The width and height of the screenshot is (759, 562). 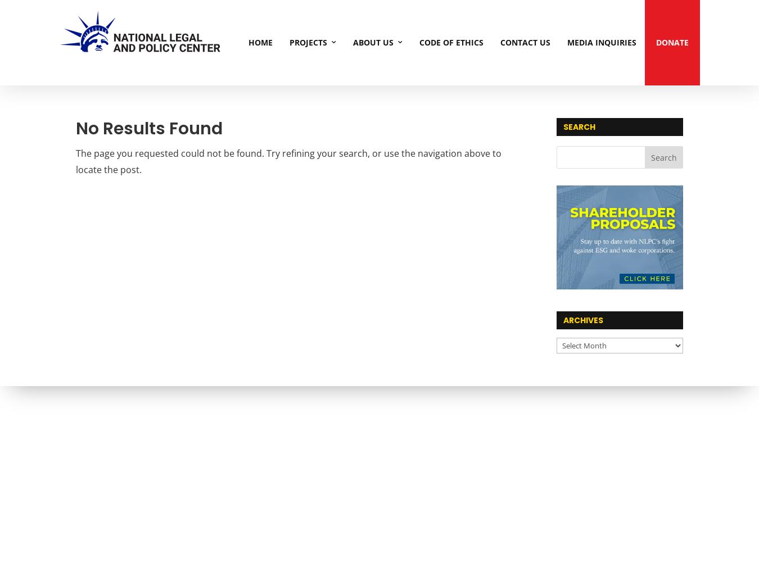 What do you see at coordinates (484, 184) in the screenshot?
I see `'Paul Chesser'` at bounding box center [484, 184].